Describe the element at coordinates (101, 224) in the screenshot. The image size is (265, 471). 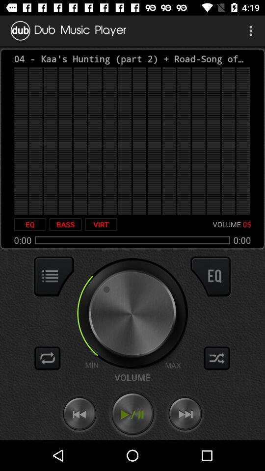
I see `the  virt  icon` at that location.